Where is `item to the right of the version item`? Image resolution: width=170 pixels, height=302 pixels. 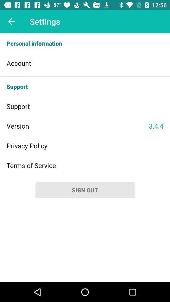
item to the right of the version item is located at coordinates (156, 126).